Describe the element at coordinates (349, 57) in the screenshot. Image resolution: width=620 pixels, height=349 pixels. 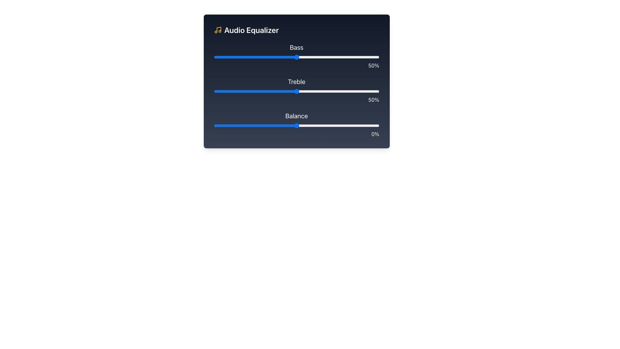
I see `the bass level` at that location.